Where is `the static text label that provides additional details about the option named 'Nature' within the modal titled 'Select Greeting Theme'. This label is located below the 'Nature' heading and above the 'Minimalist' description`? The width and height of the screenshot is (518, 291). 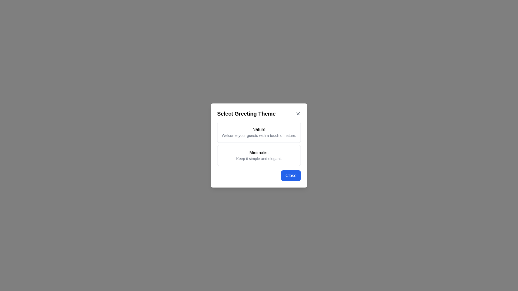 the static text label that provides additional details about the option named 'Nature' within the modal titled 'Select Greeting Theme'. This label is located below the 'Nature' heading and above the 'Minimalist' description is located at coordinates (259, 135).